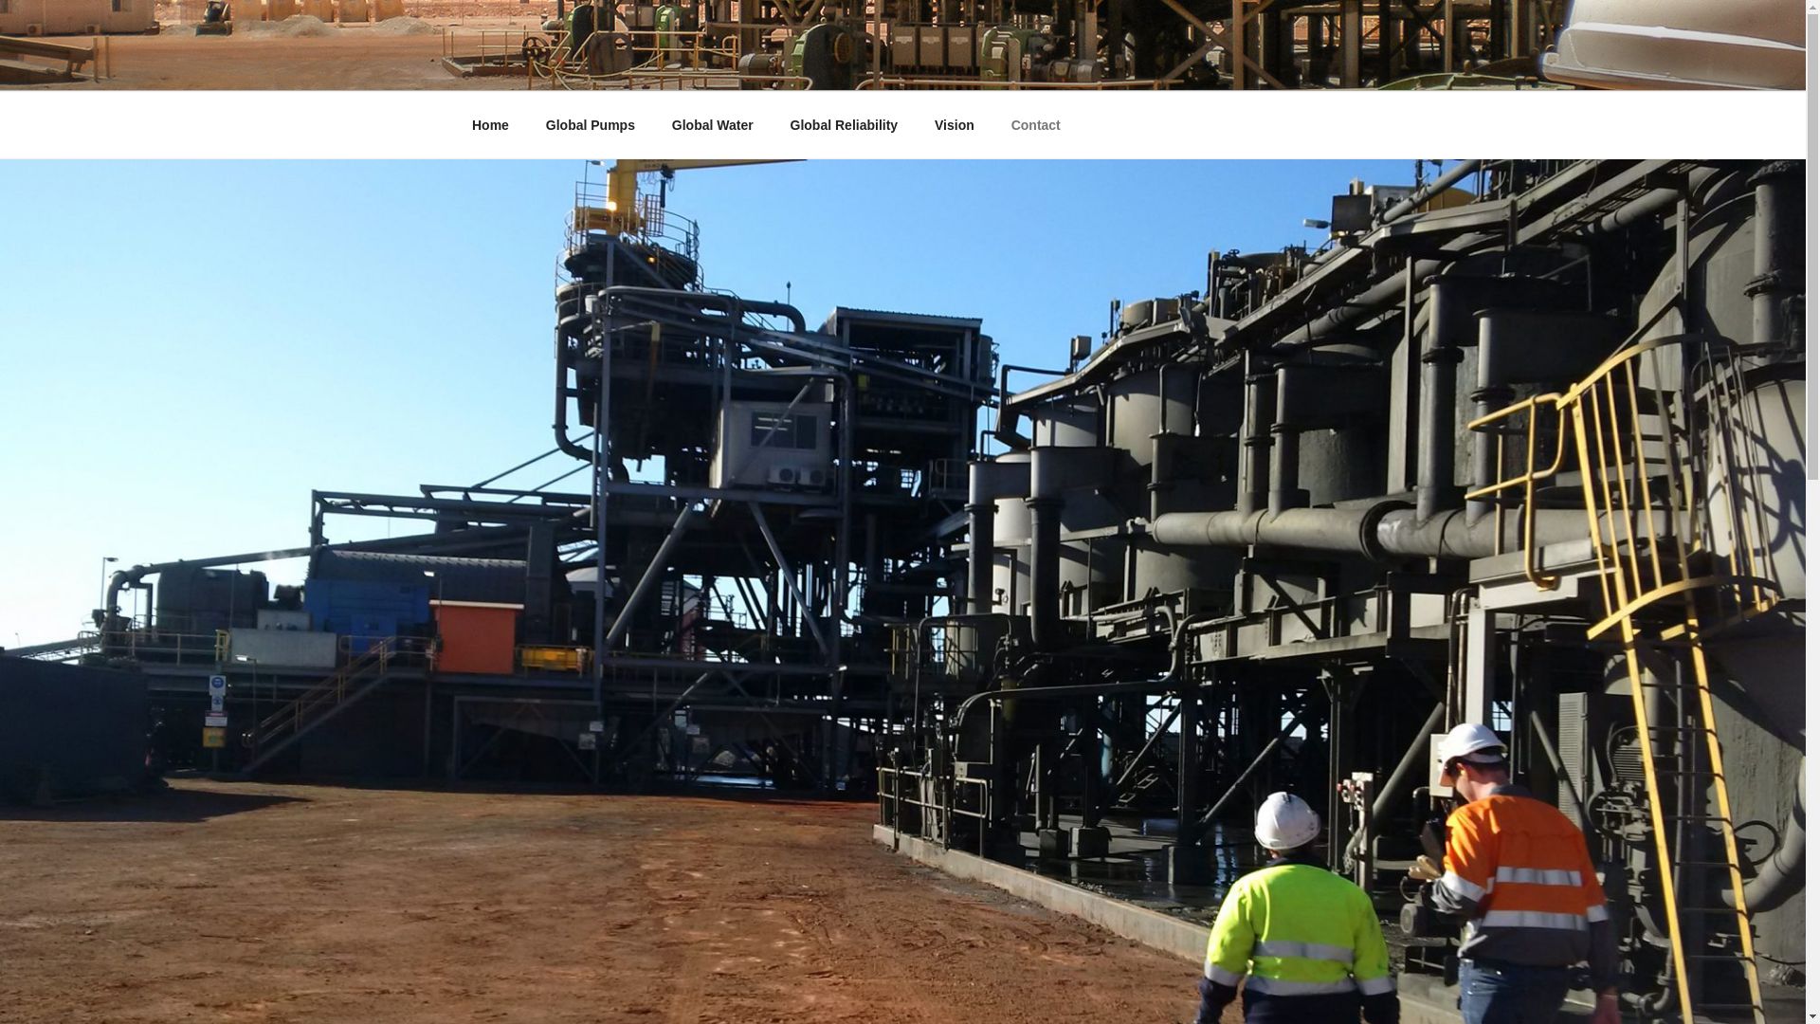 Image resolution: width=1820 pixels, height=1024 pixels. What do you see at coordinates (993, 125) in the screenshot?
I see `'Contact'` at bounding box center [993, 125].